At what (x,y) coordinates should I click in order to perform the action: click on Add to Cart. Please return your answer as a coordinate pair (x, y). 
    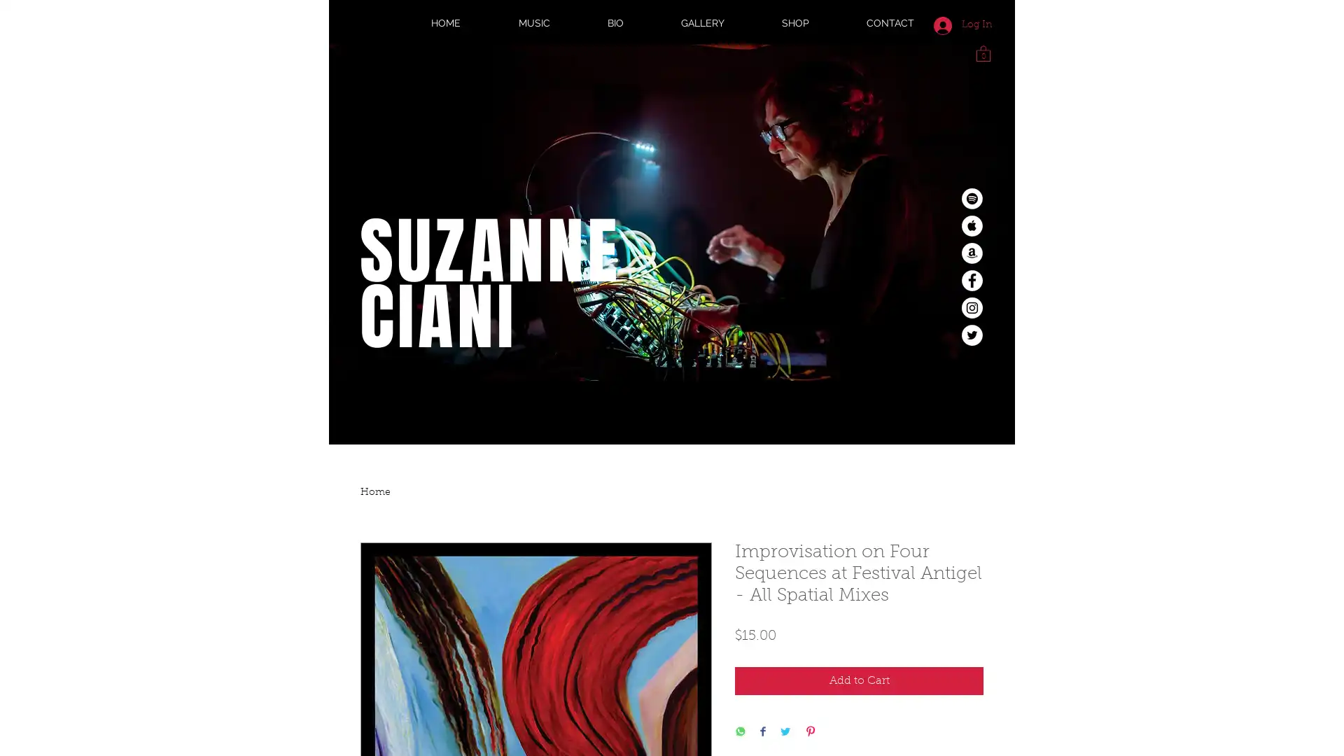
    Looking at the image, I should click on (858, 680).